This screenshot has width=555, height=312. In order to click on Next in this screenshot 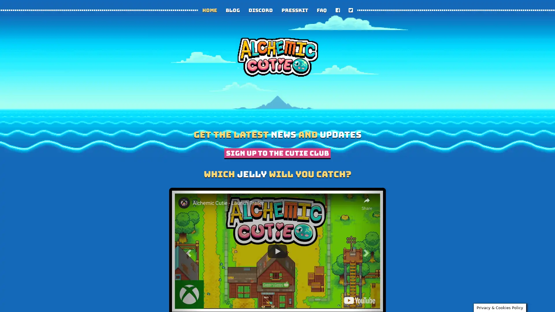, I will do `click(367, 251)`.